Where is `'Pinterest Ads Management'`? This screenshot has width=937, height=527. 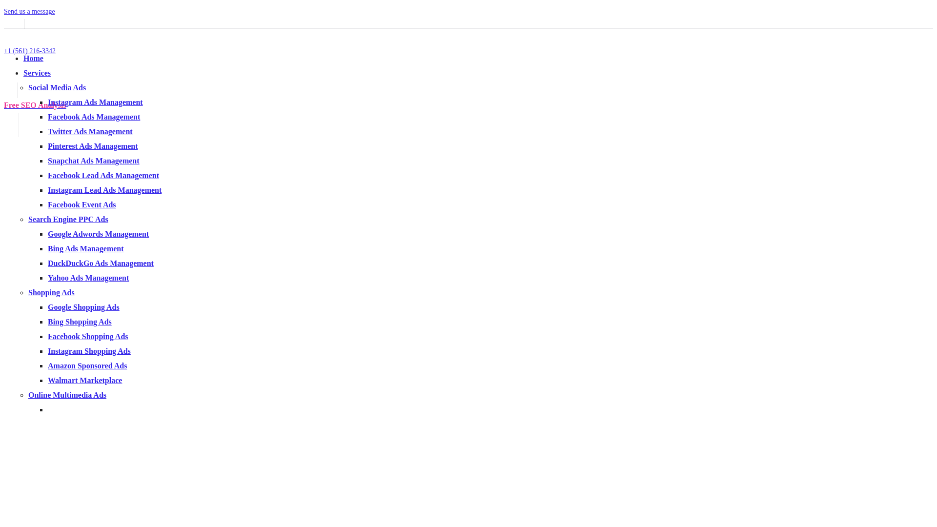 'Pinterest Ads Management' is located at coordinates (93, 146).